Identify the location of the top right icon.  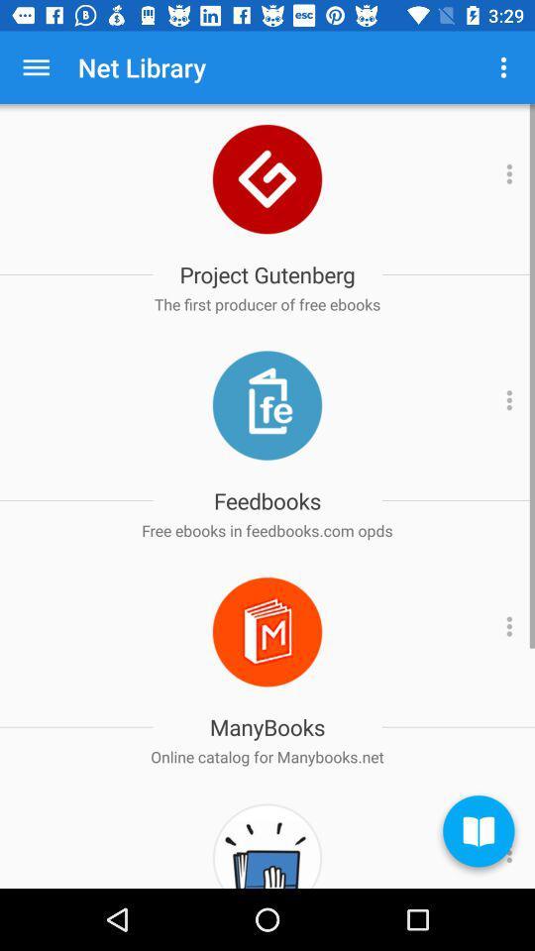
(503, 67).